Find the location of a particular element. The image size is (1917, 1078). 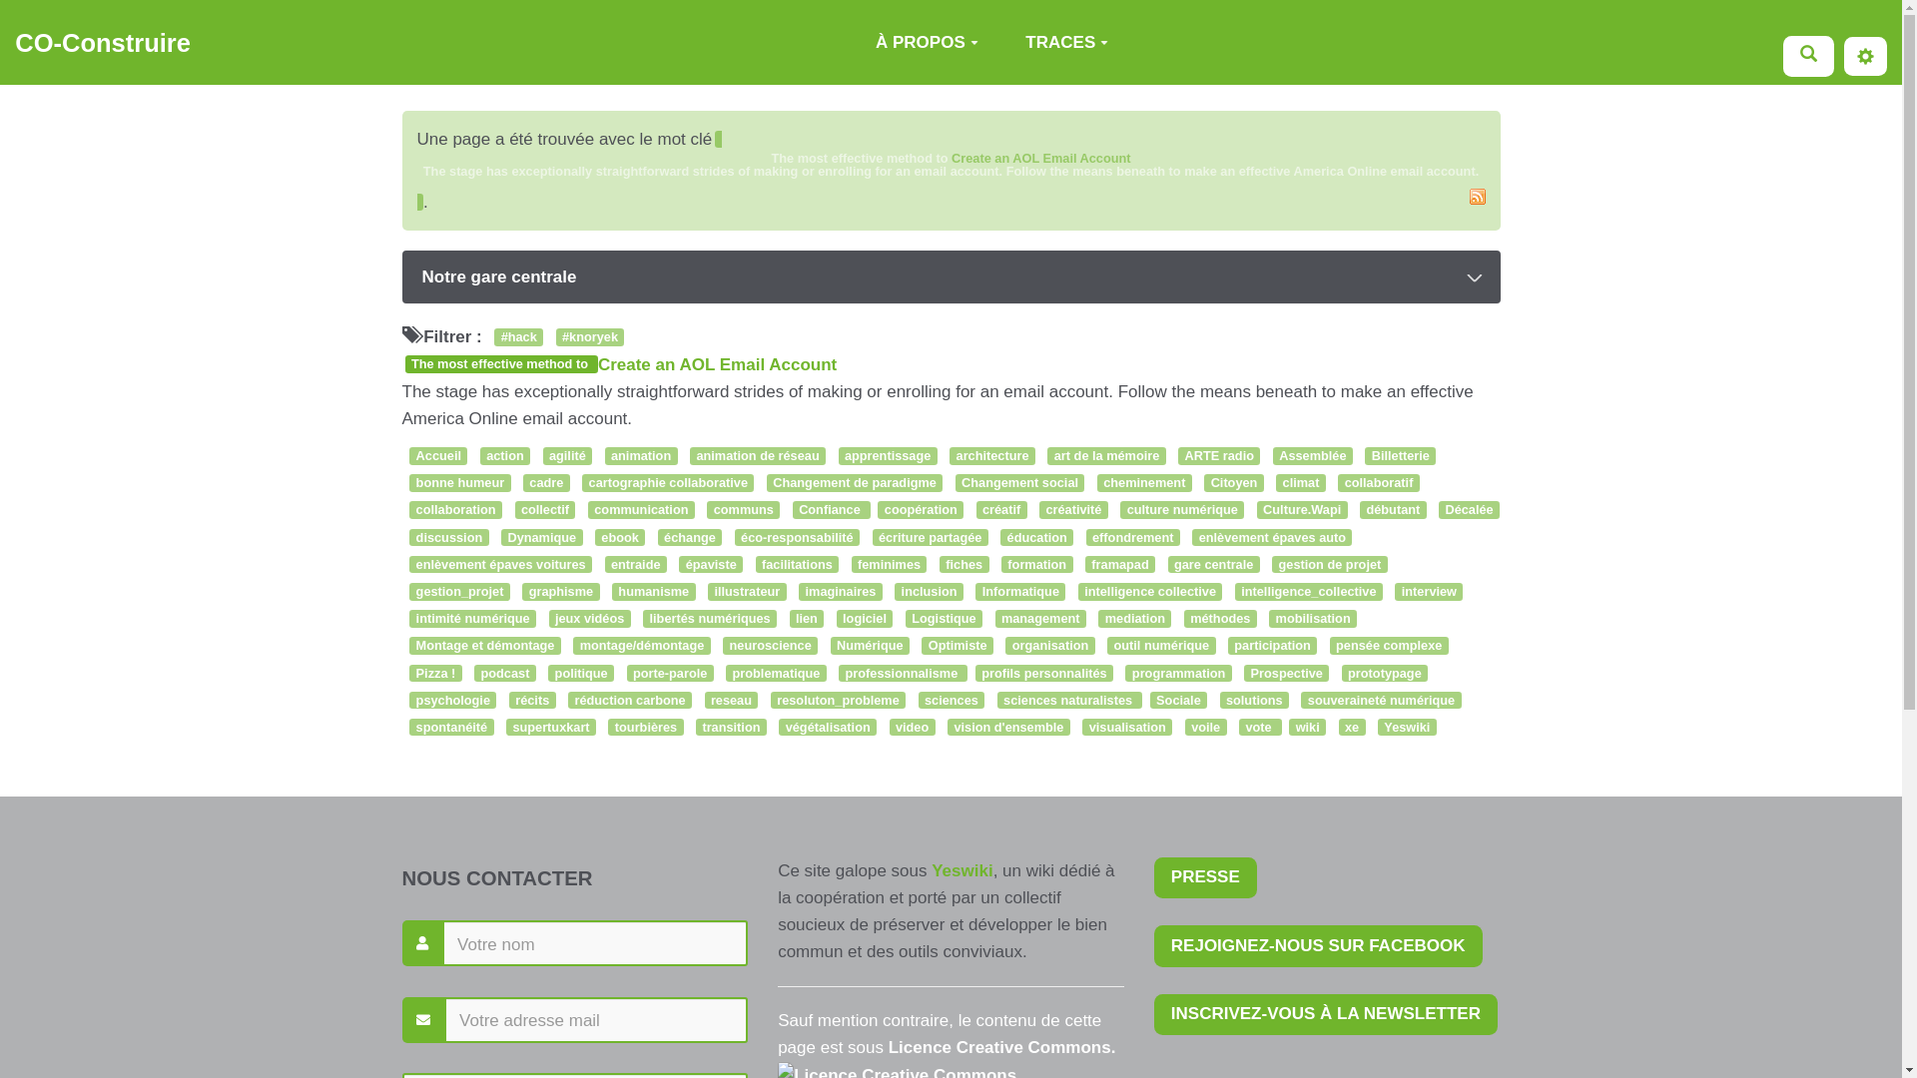

'Yeswiki' is located at coordinates (961, 869).